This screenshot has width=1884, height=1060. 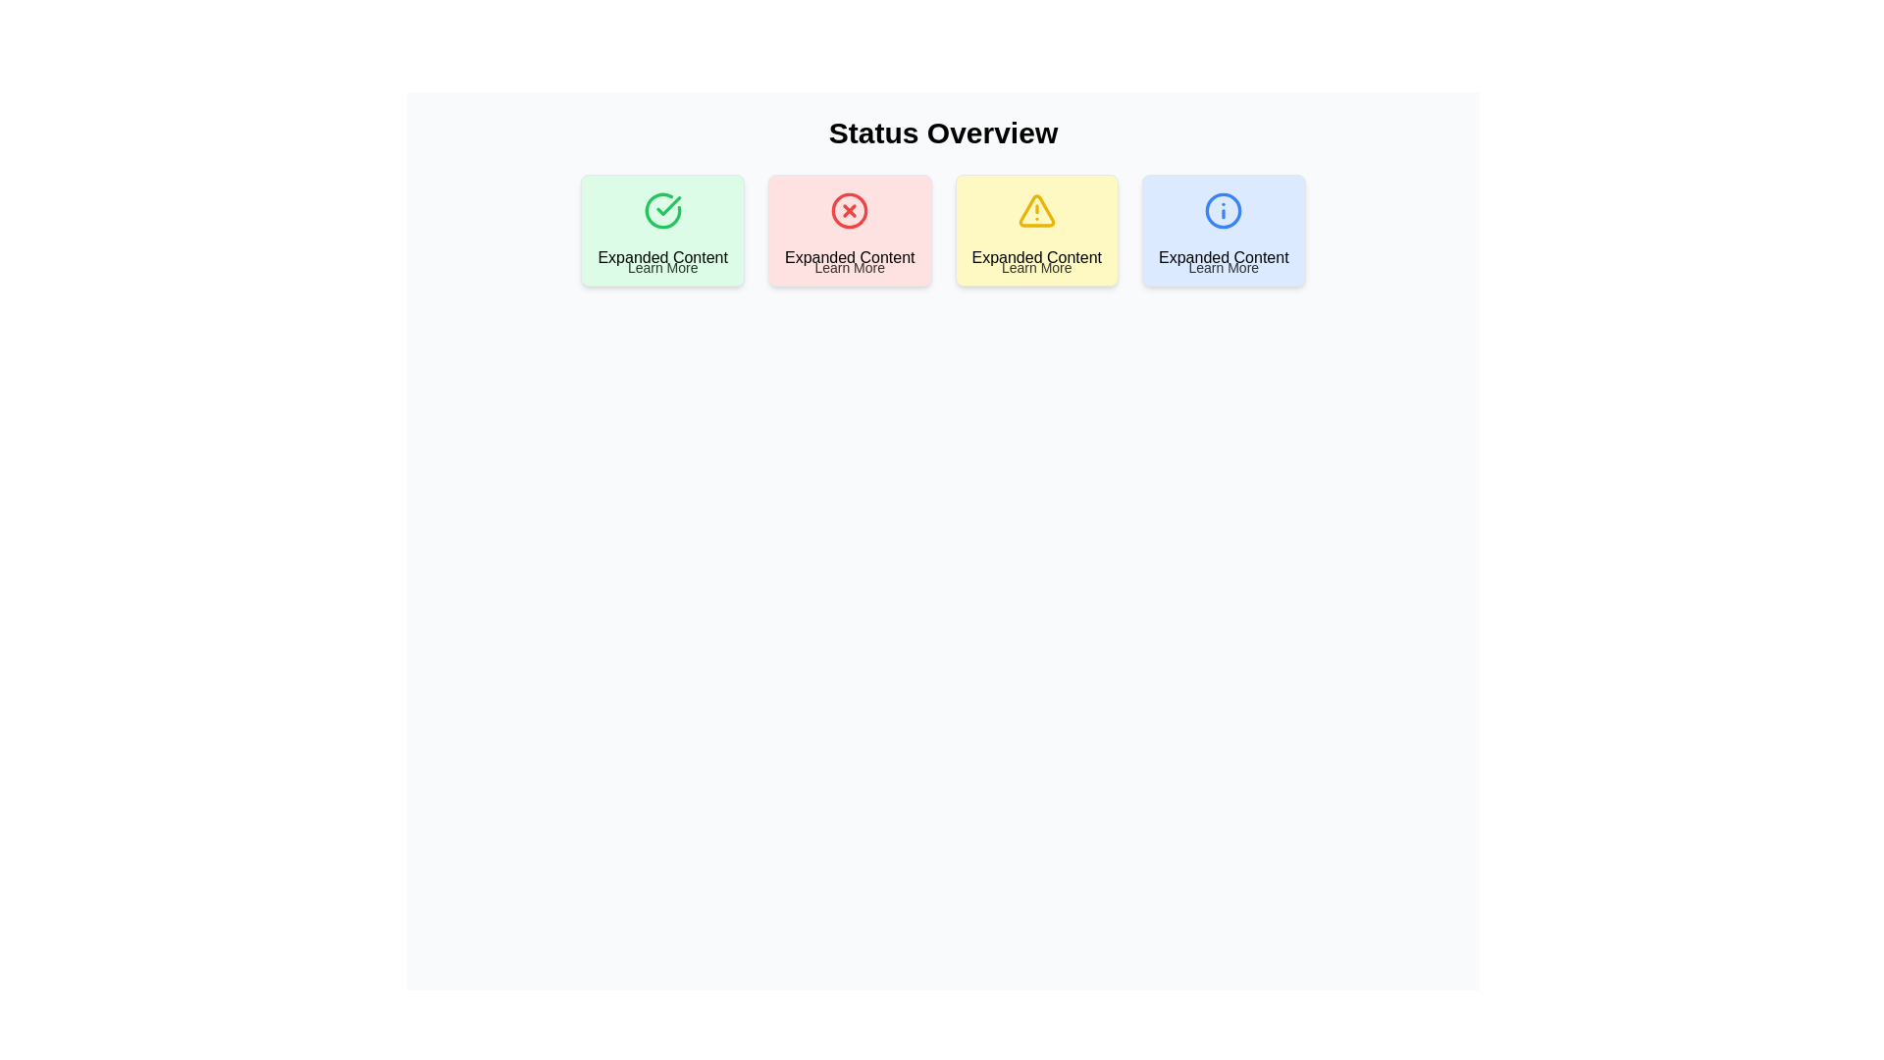 I want to click on the triangular warning icon with a yellow border and a black exclamation mark inside, located in the third box from the left in a row of four status indicator boxes, for information, so click(x=1035, y=211).